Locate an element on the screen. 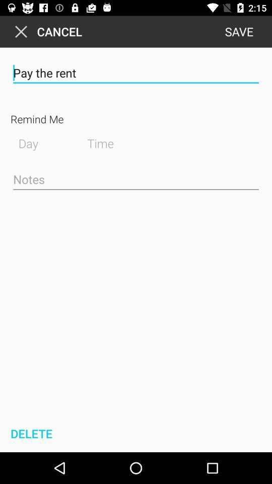 The width and height of the screenshot is (272, 484). note is located at coordinates (136, 180).